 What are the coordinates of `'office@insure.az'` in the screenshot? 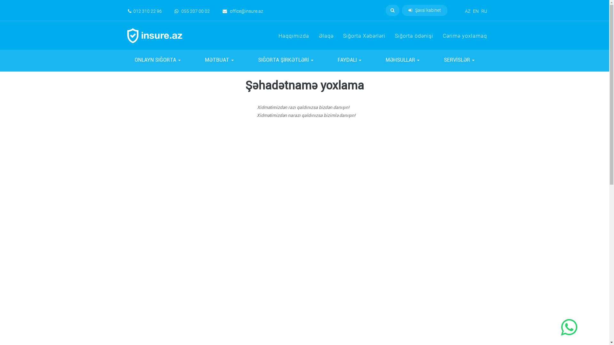 It's located at (242, 11).